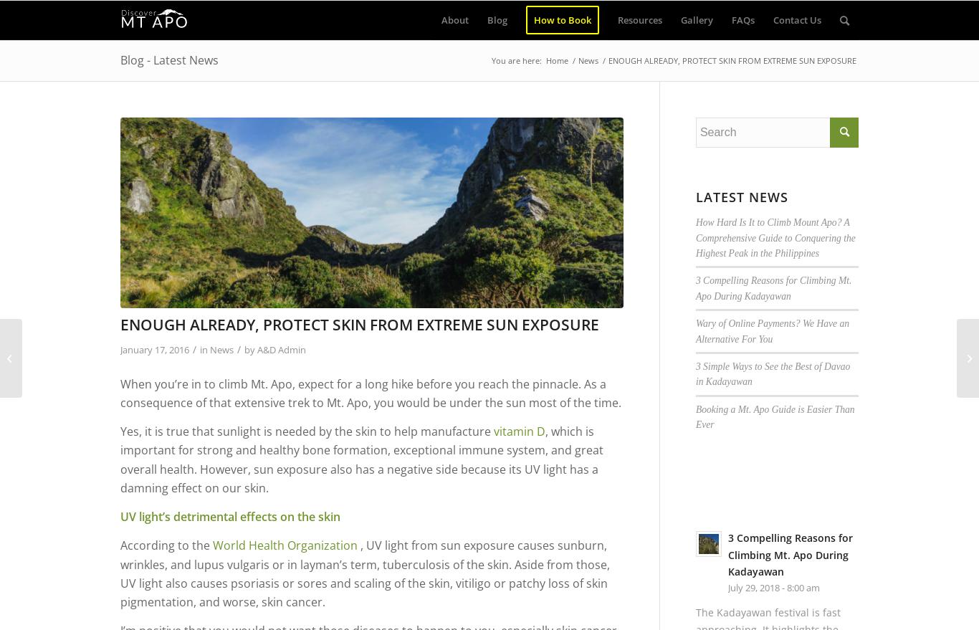  What do you see at coordinates (221, 348) in the screenshot?
I see `'News'` at bounding box center [221, 348].